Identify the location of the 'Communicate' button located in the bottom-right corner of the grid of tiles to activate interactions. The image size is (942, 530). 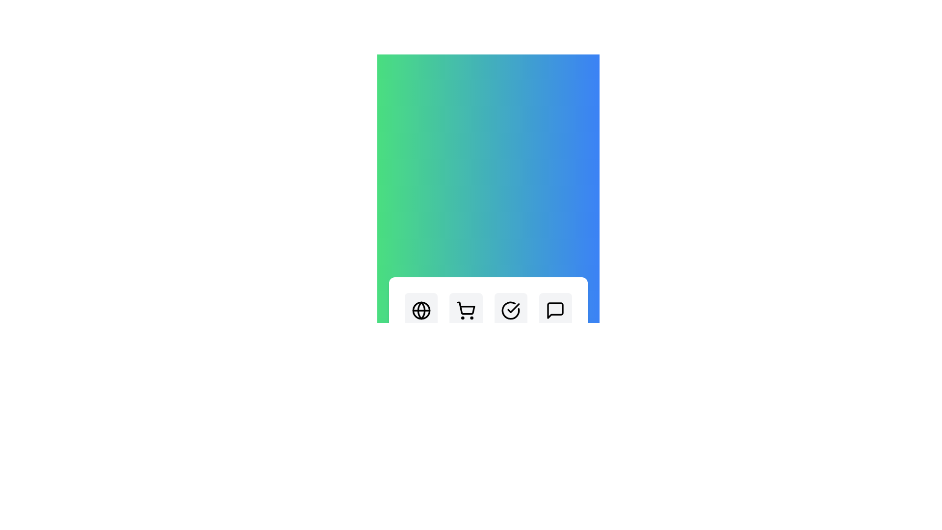
(555, 319).